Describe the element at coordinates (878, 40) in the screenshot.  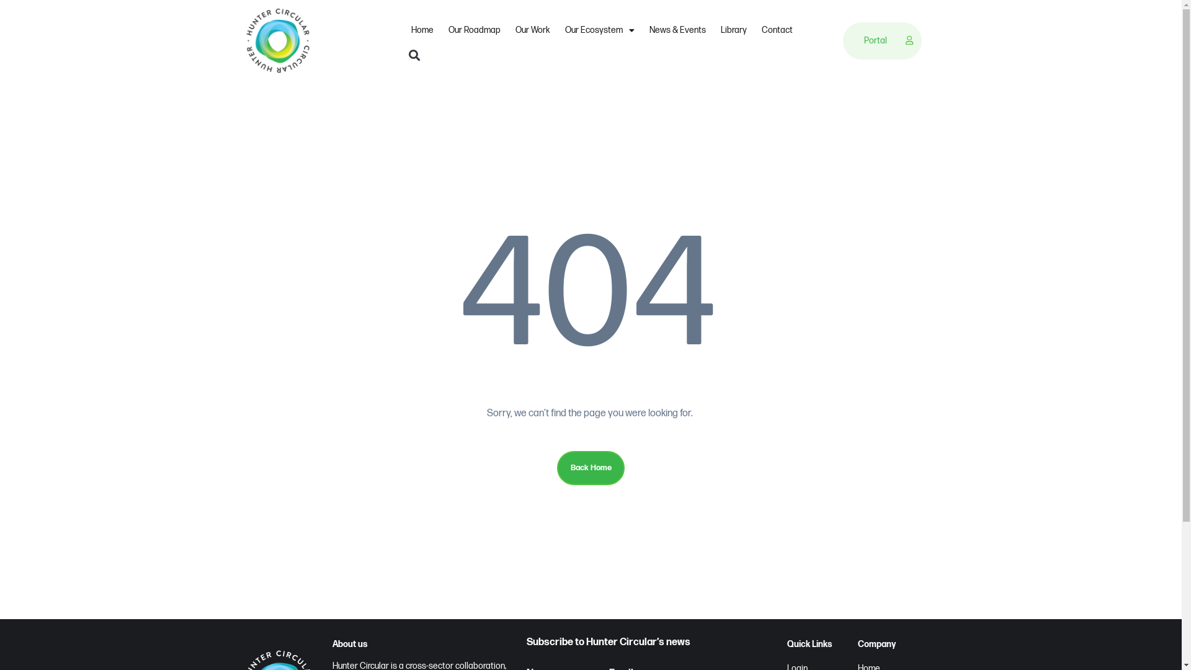
I see `'Portal'` at that location.